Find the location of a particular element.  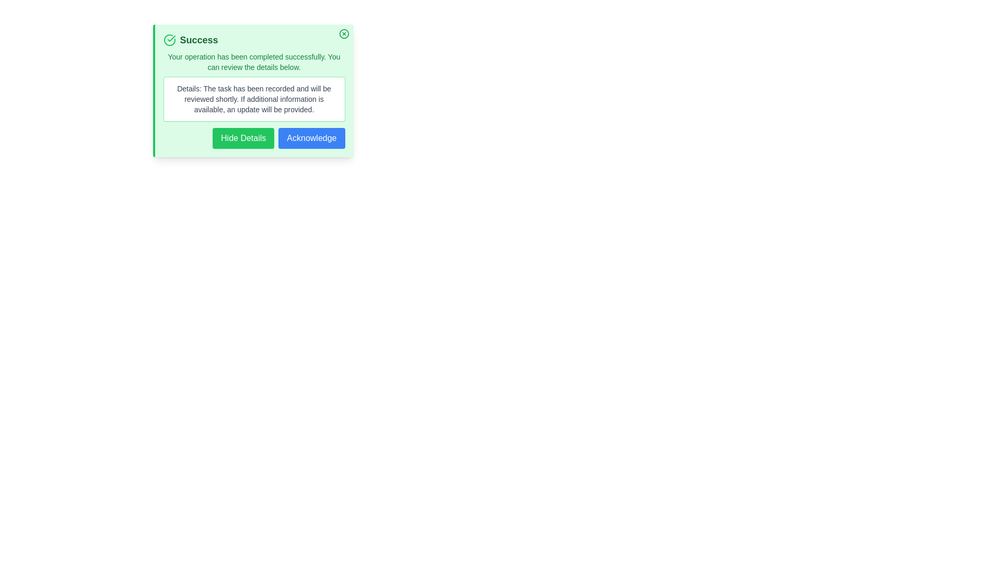

close button to dismiss the alert is located at coordinates (344, 33).